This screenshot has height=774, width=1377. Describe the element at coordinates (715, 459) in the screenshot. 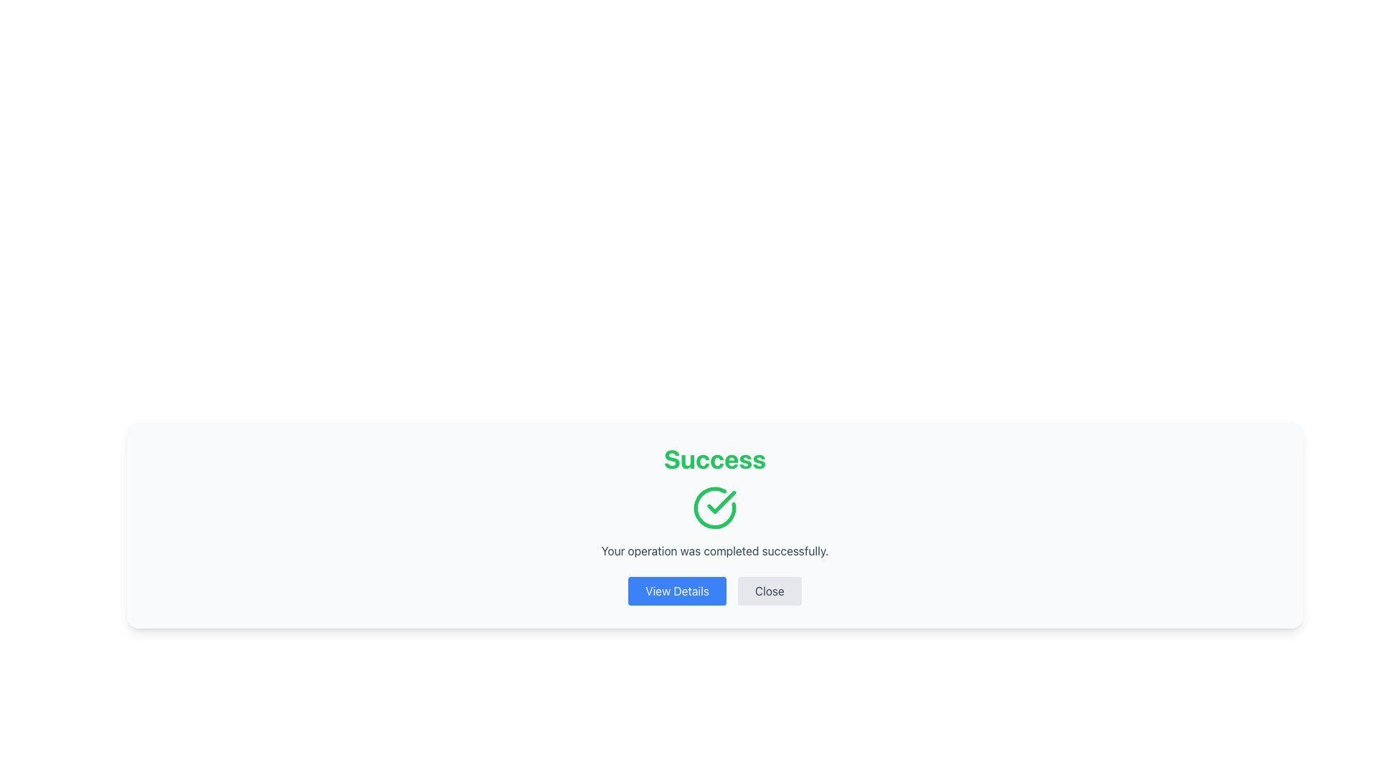

I see `the confirmation heading text label that indicates a successful operation, prominently displayed at the top of the centered panel` at that location.